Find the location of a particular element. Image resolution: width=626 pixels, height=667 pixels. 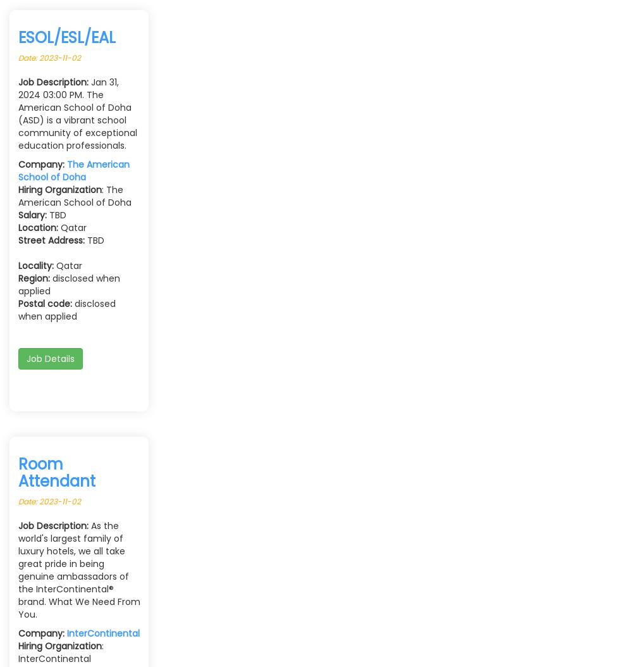

'Region:' is located at coordinates (34, 278).